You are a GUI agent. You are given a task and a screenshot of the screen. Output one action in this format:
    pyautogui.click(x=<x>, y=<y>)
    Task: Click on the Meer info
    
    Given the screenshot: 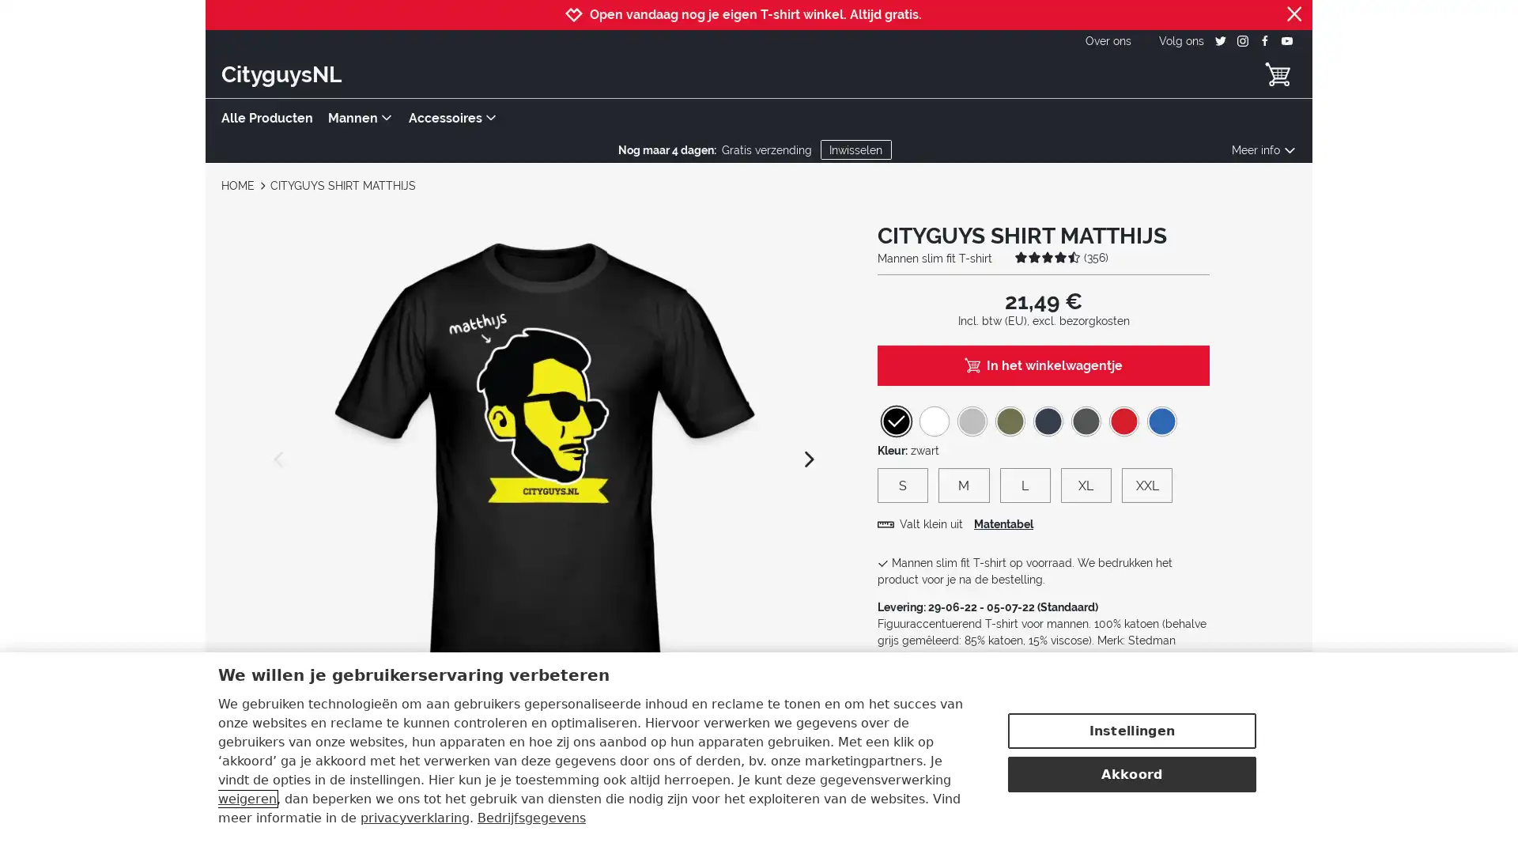 What is the action you would take?
    pyautogui.click(x=1263, y=149)
    